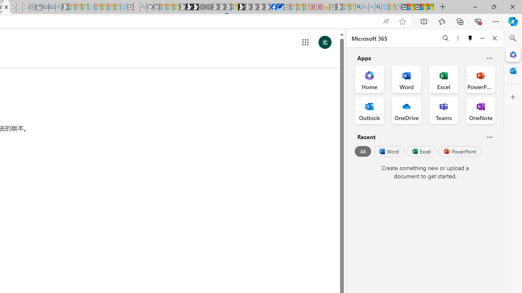 This screenshot has height=293, width=522. I want to click on 'Close Outlook pane', so click(513, 70).